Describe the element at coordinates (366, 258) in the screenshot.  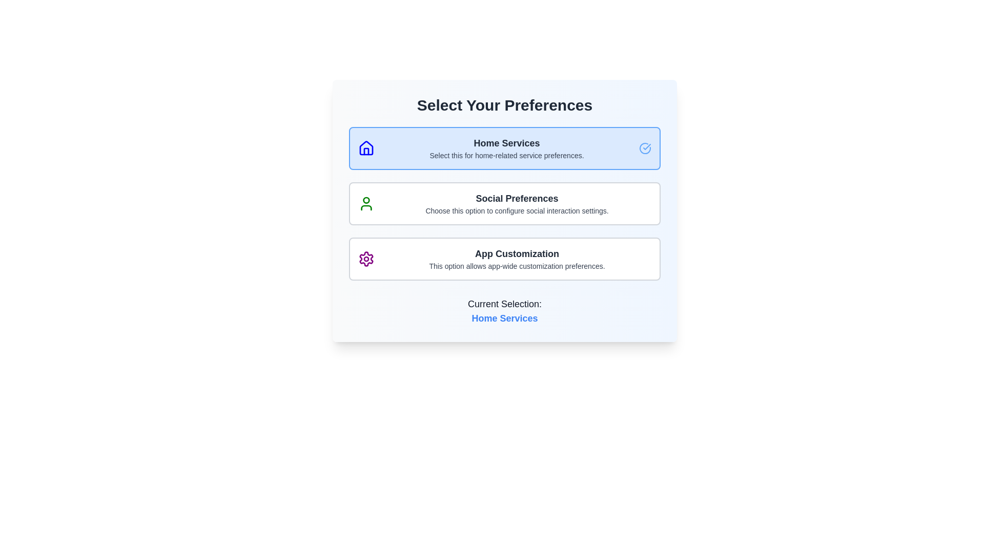
I see `the settings icon, which is gear-shaped and located at the bottom right section of the interface` at that location.